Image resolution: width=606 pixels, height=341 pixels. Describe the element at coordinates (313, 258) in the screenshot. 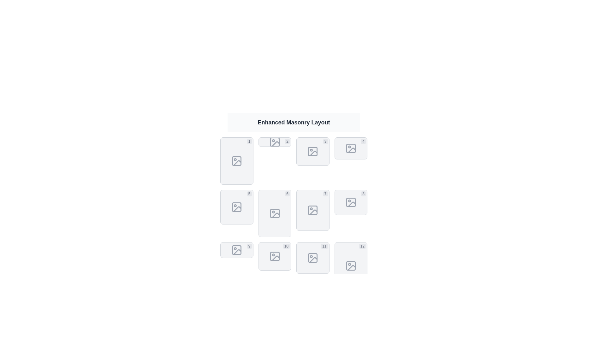

I see `the SVG icon depicting an image placeholder with a gray stroke, located within the card labeled '11' in the eleventh position of the grid layout` at that location.